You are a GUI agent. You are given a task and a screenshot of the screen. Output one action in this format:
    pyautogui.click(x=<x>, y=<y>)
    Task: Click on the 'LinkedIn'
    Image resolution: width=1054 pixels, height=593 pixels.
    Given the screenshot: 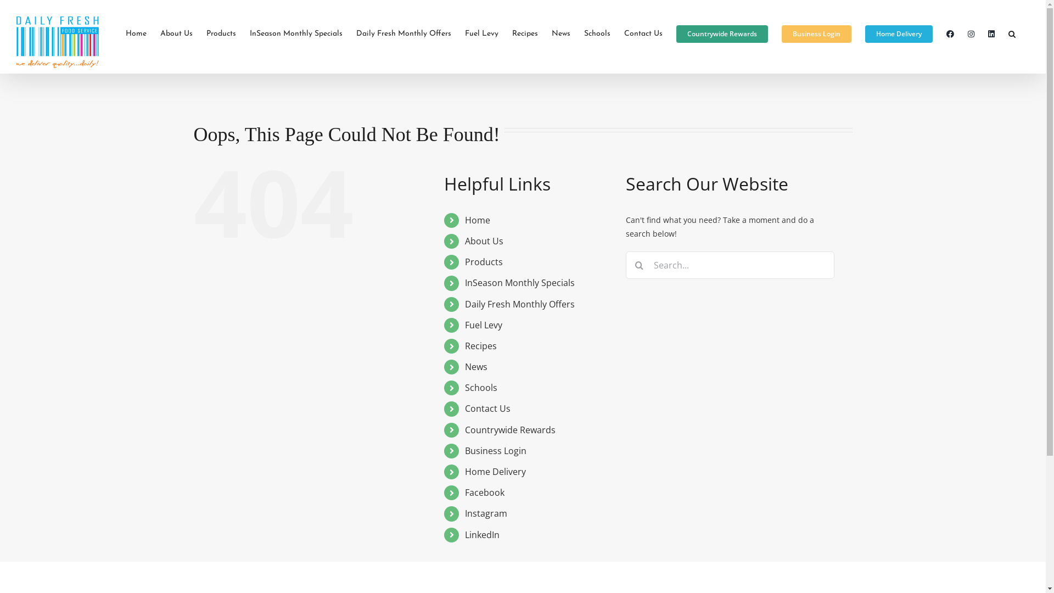 What is the action you would take?
    pyautogui.click(x=482, y=534)
    